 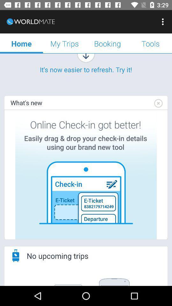 I want to click on app next to the booking icon, so click(x=163, y=22).